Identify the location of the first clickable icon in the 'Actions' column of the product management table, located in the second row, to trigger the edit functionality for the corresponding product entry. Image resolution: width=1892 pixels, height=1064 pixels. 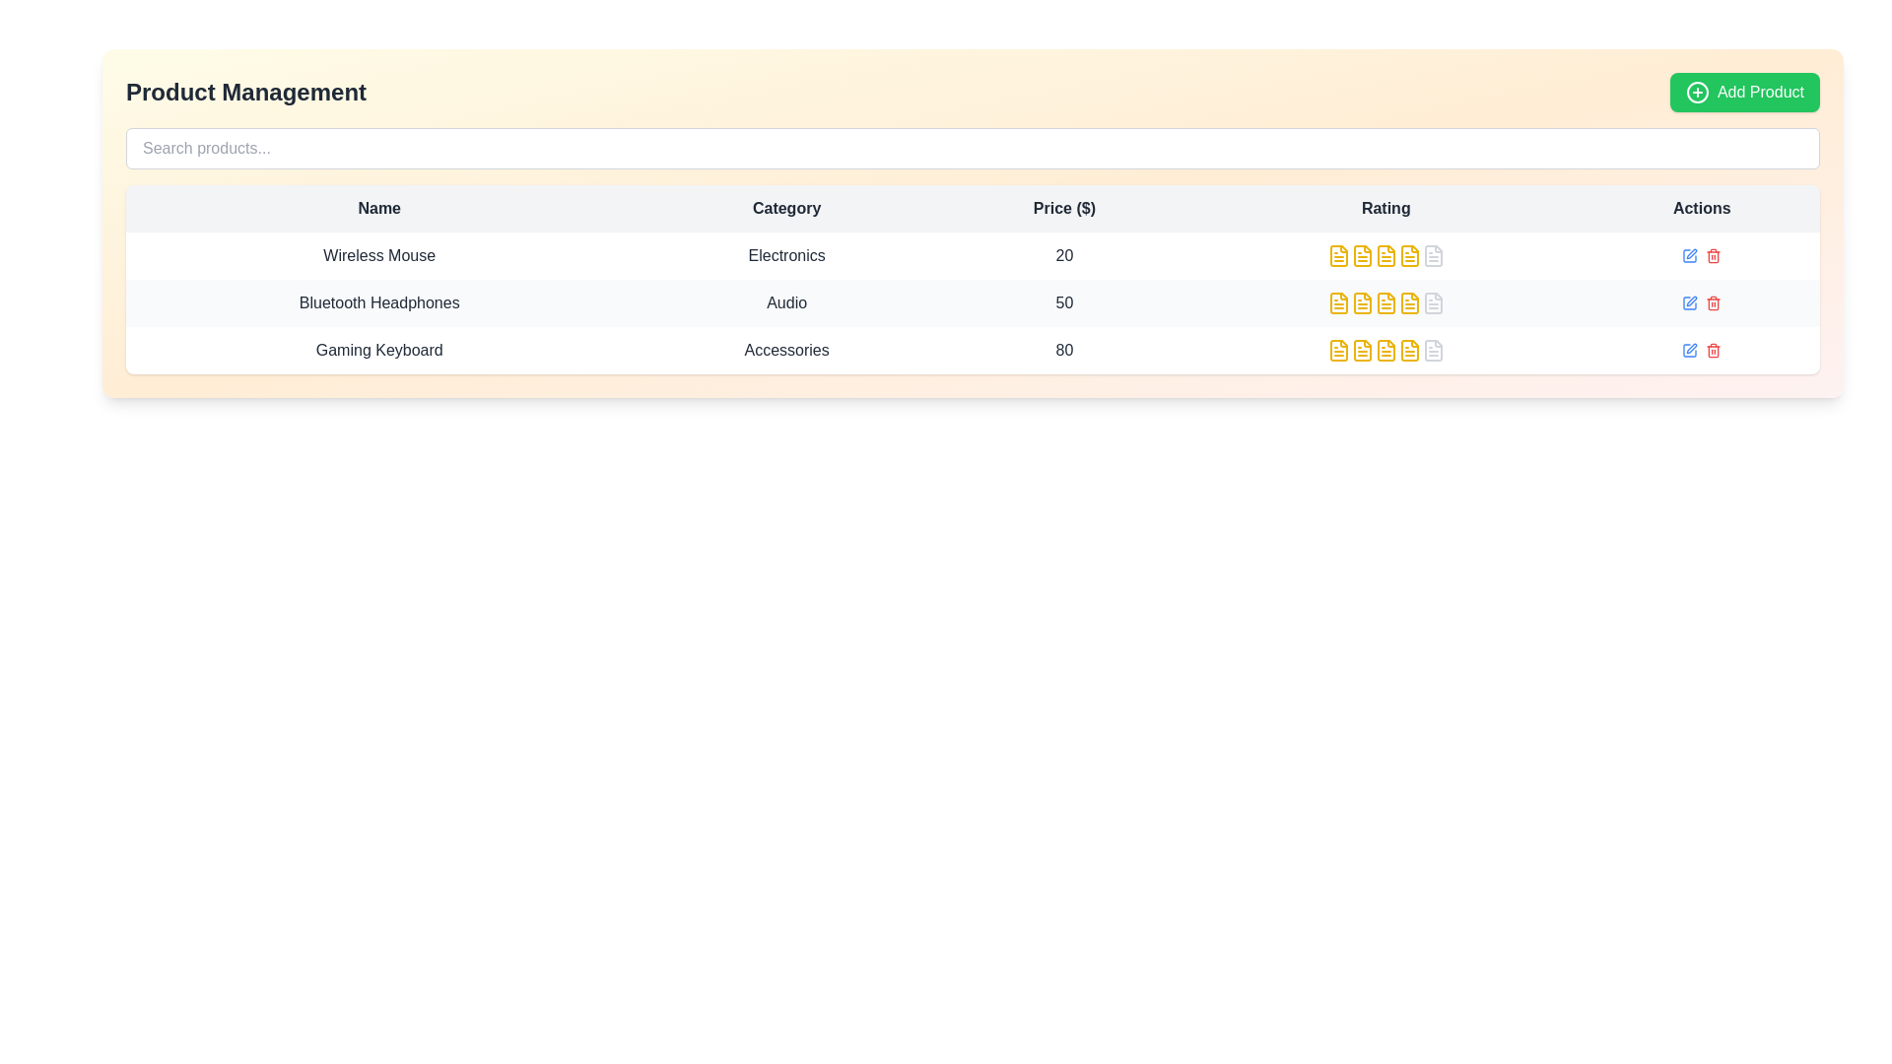
(1689, 303).